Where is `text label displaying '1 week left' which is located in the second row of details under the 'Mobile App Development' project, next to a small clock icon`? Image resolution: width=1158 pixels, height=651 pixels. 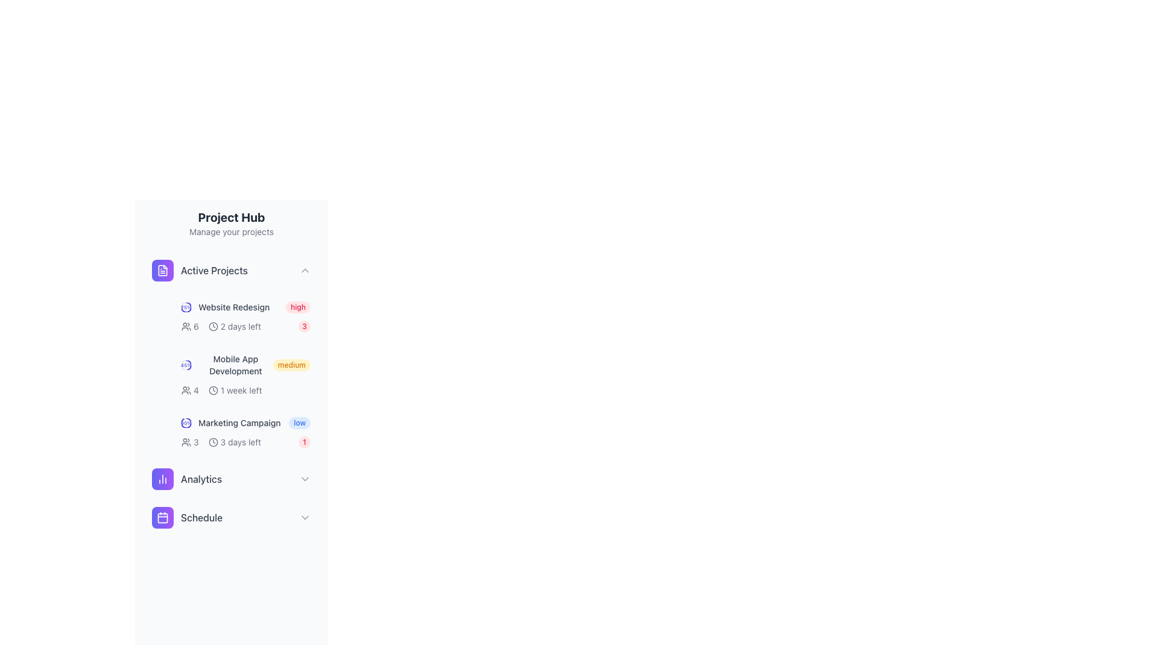
text label displaying '1 week left' which is located in the second row of details under the 'Mobile App Development' project, next to a small clock icon is located at coordinates (245, 391).